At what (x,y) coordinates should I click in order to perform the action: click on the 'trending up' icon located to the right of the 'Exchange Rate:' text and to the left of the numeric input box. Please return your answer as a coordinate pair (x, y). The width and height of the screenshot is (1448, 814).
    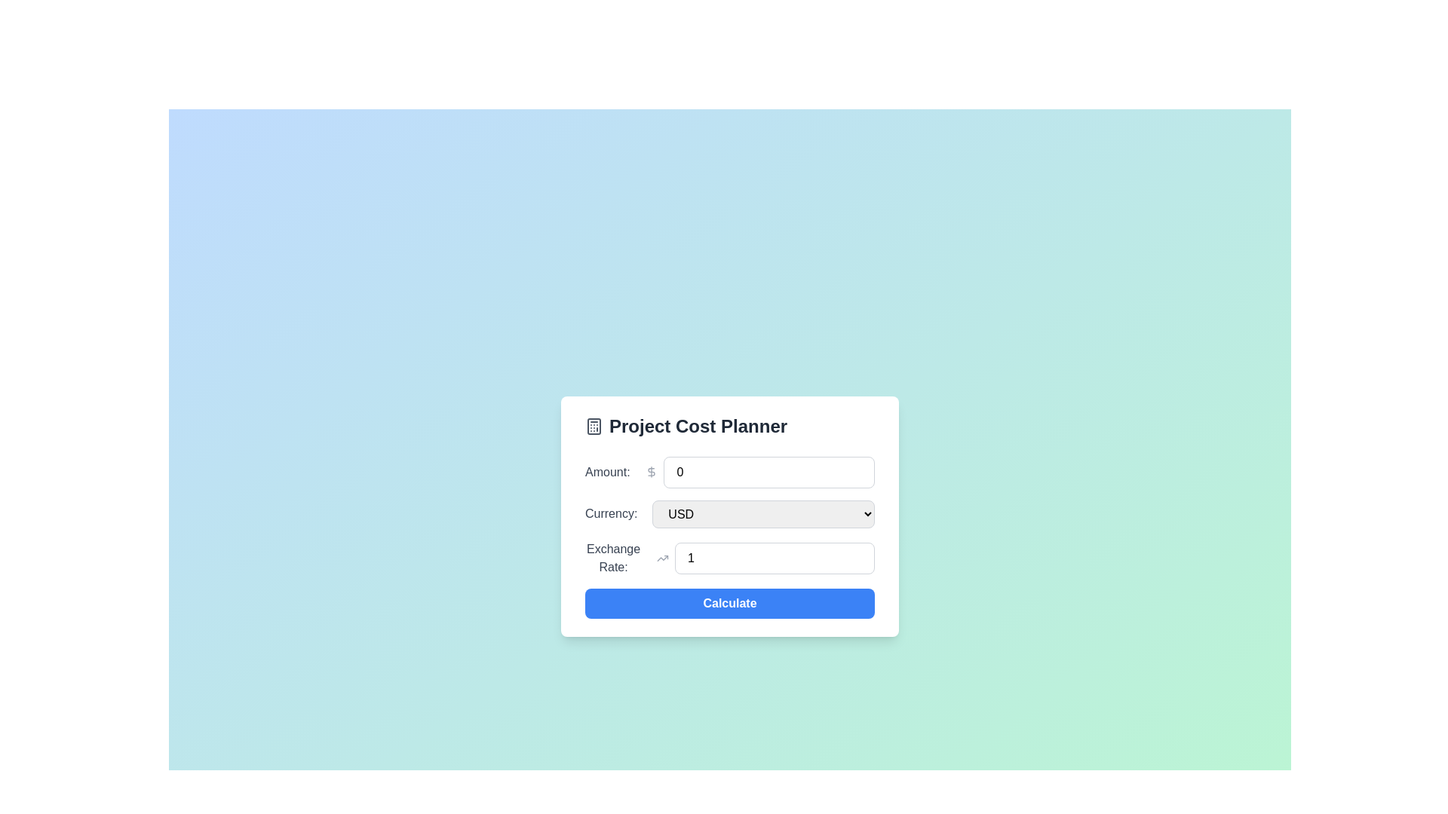
    Looking at the image, I should click on (663, 558).